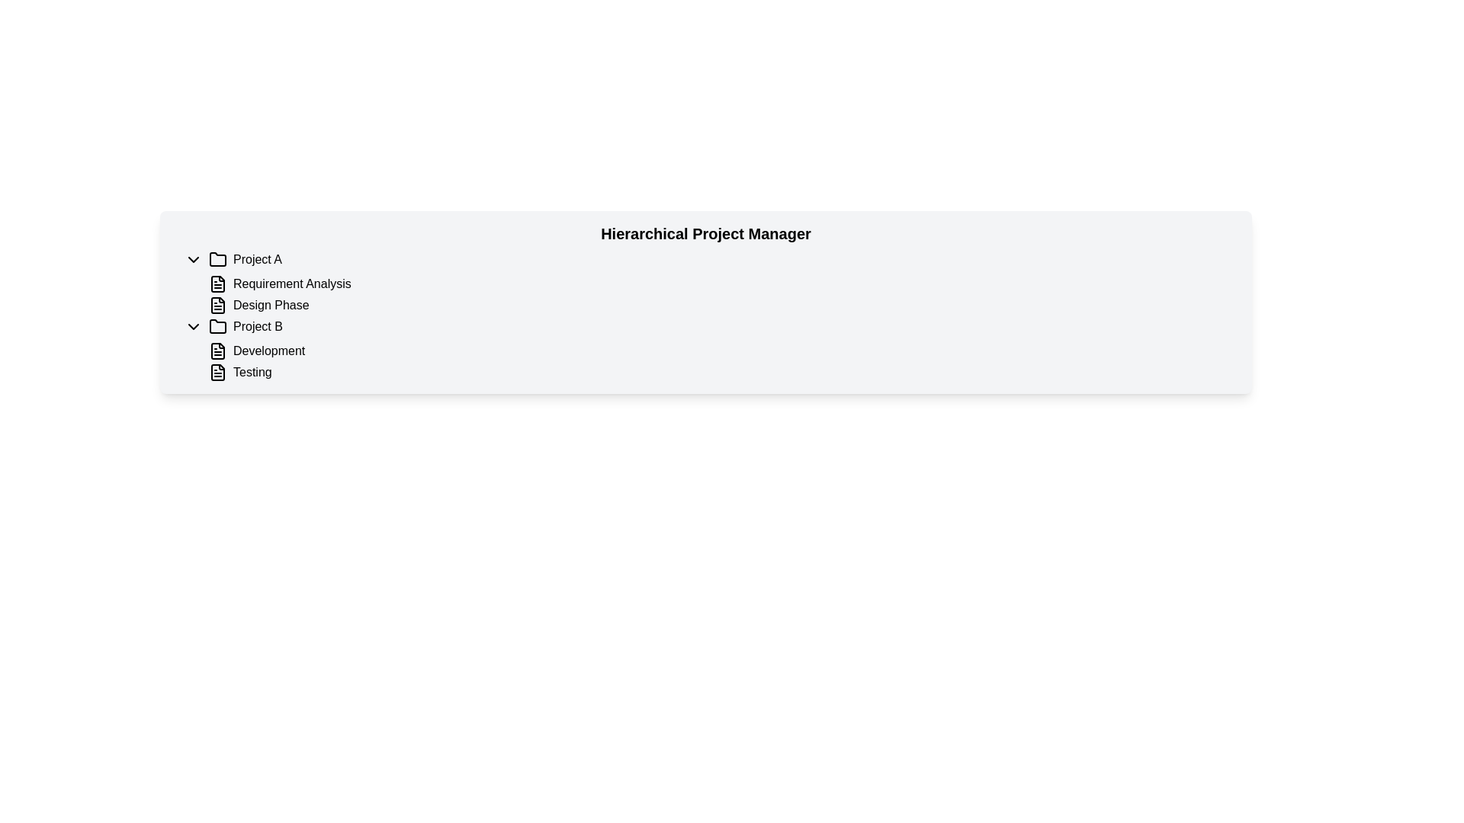 The image size is (1464, 823). What do you see at coordinates (217, 306) in the screenshot?
I see `the document icon representing a file located under 'Project A', which is the second item in the expandable listing` at bounding box center [217, 306].